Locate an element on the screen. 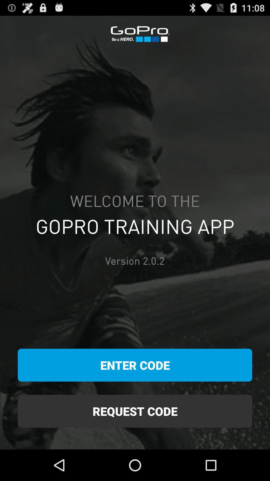 The image size is (270, 481). request code is located at coordinates (135, 411).